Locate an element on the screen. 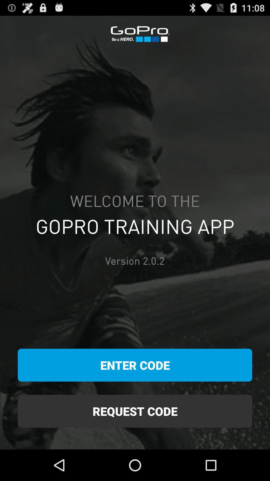 The image size is (270, 481). request code is located at coordinates (135, 411).